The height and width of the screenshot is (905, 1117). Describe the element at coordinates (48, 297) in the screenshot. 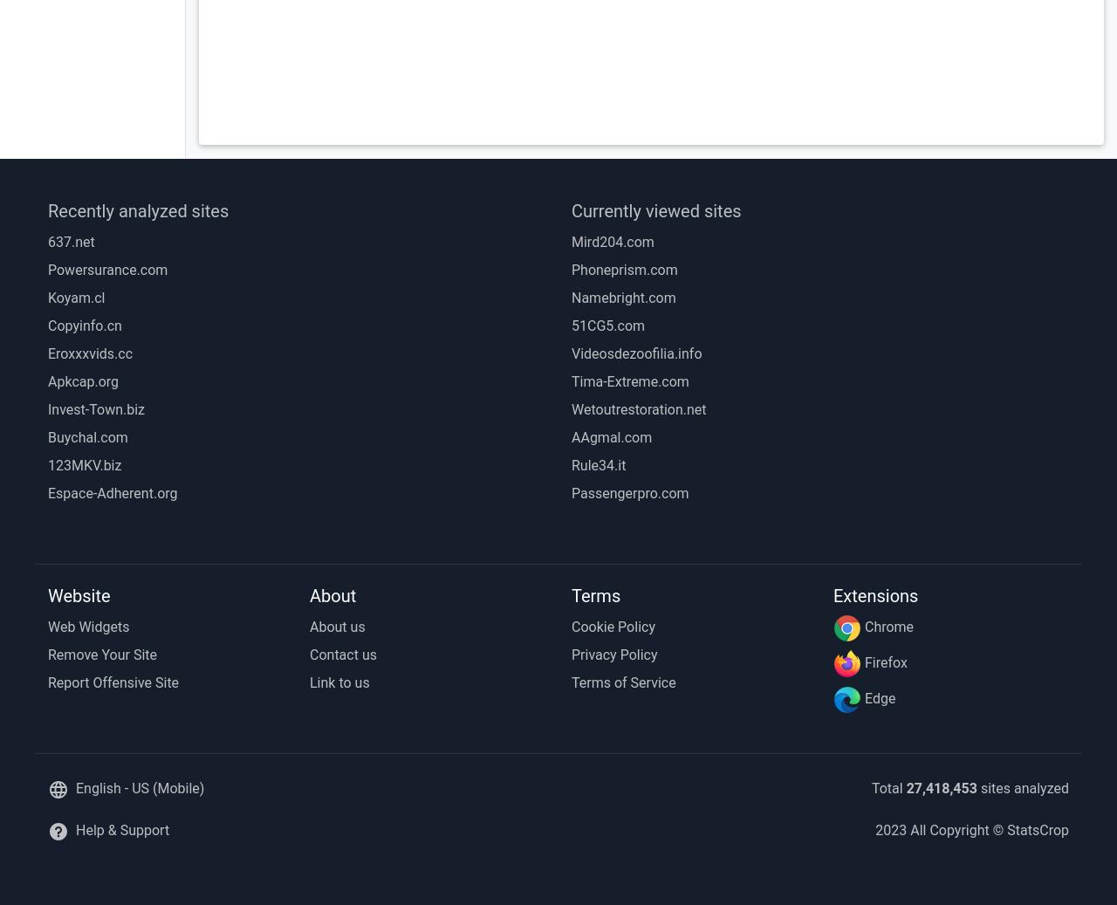

I see `'Koyam.cl'` at that location.